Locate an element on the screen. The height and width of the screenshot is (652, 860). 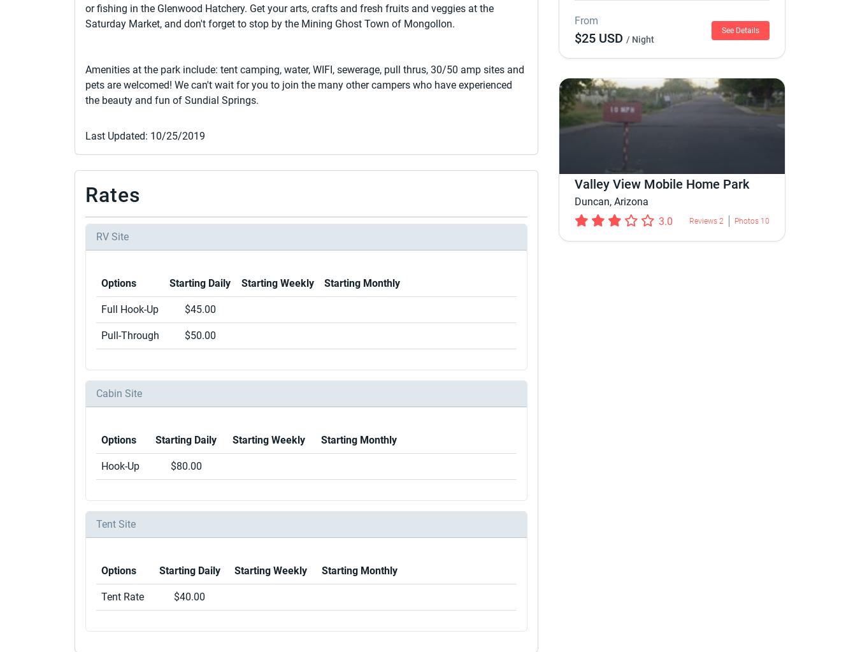
'© 2023 Roverpass' is located at coordinates (429, 630).